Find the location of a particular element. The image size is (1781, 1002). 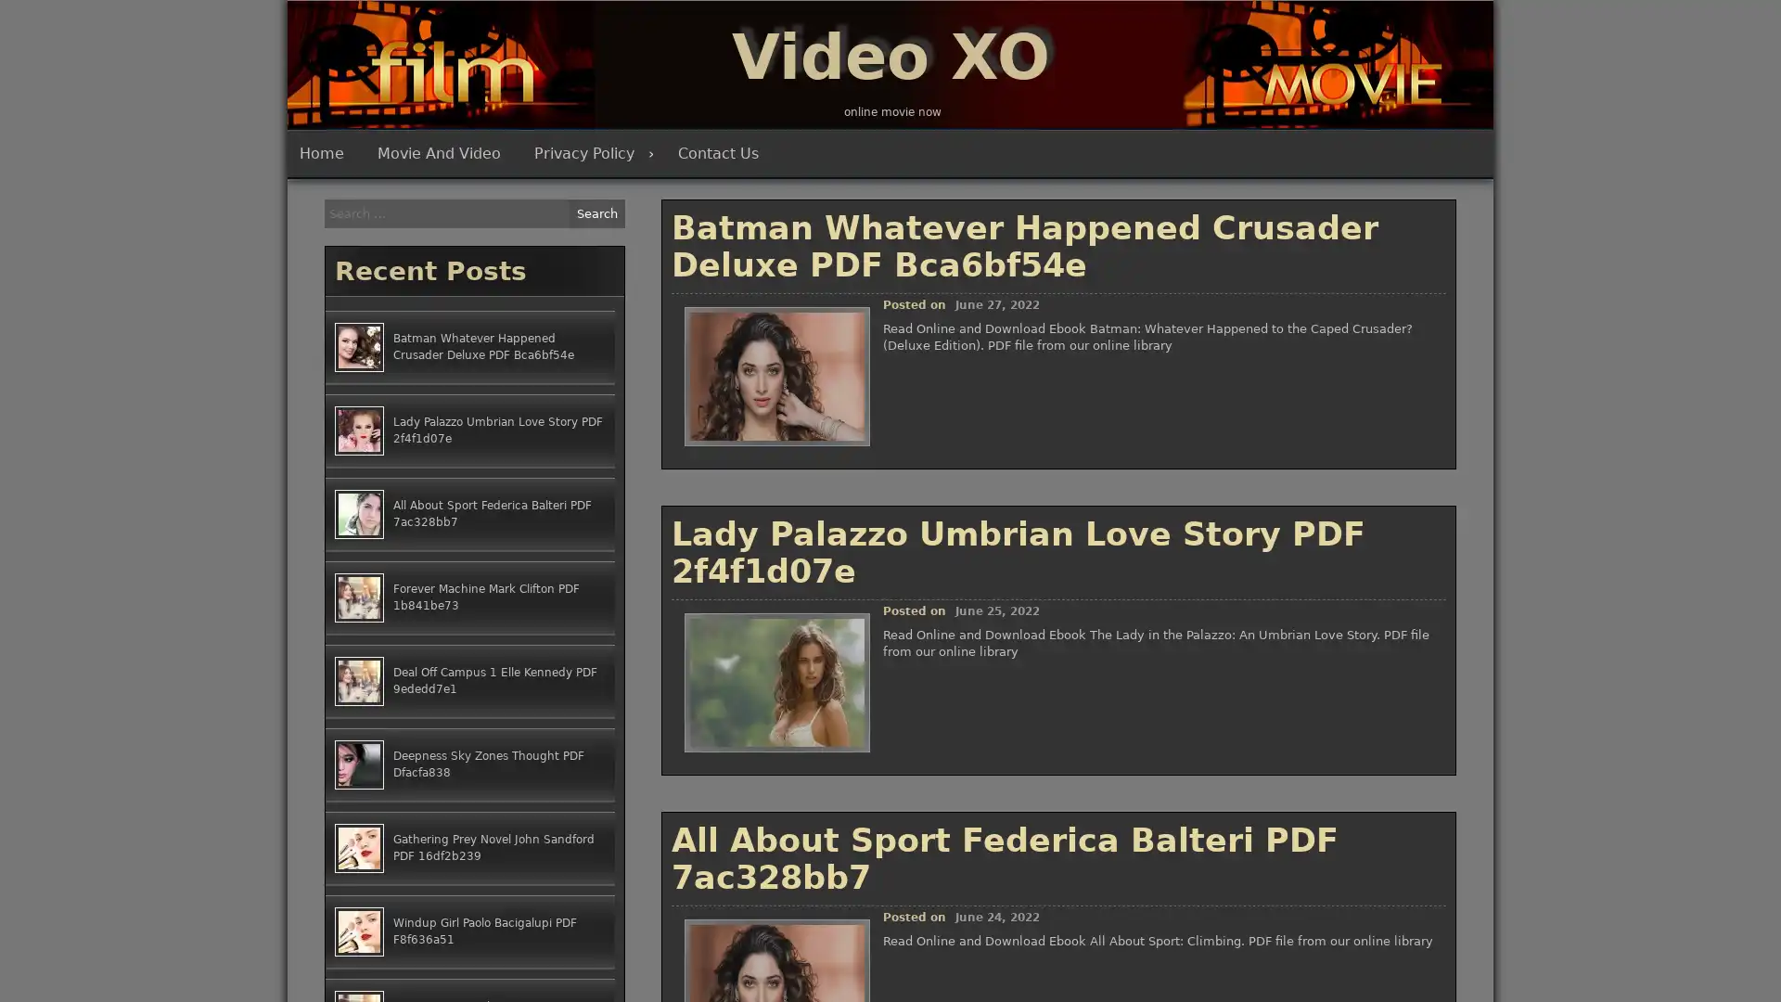

Search is located at coordinates (596, 212).